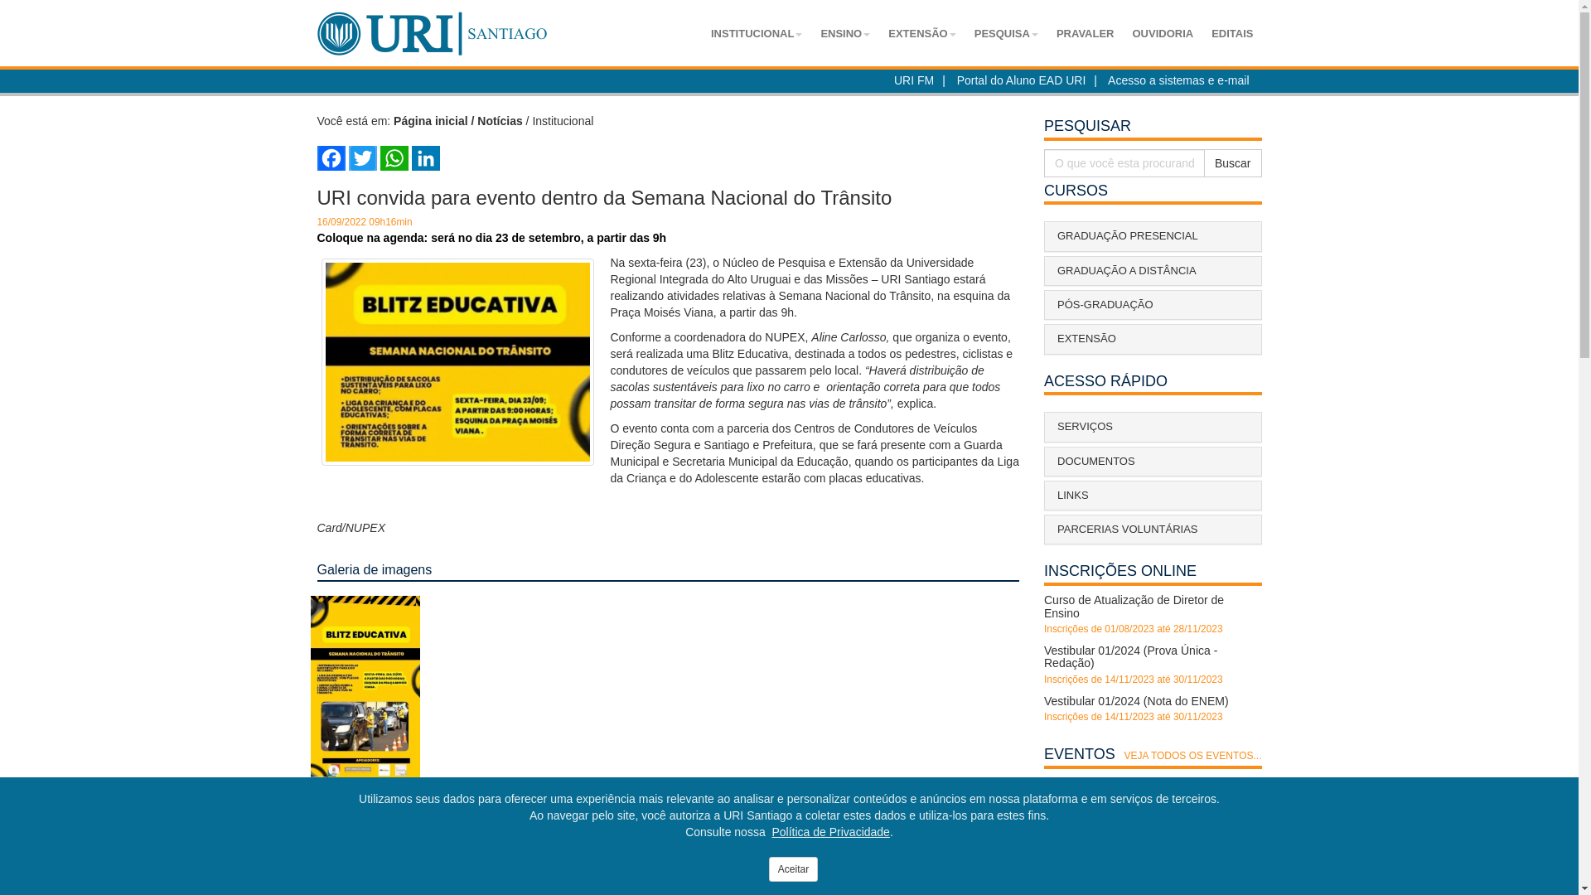 This screenshot has width=1591, height=895. Describe the element at coordinates (844, 34) in the screenshot. I see `'ENSINO'` at that location.